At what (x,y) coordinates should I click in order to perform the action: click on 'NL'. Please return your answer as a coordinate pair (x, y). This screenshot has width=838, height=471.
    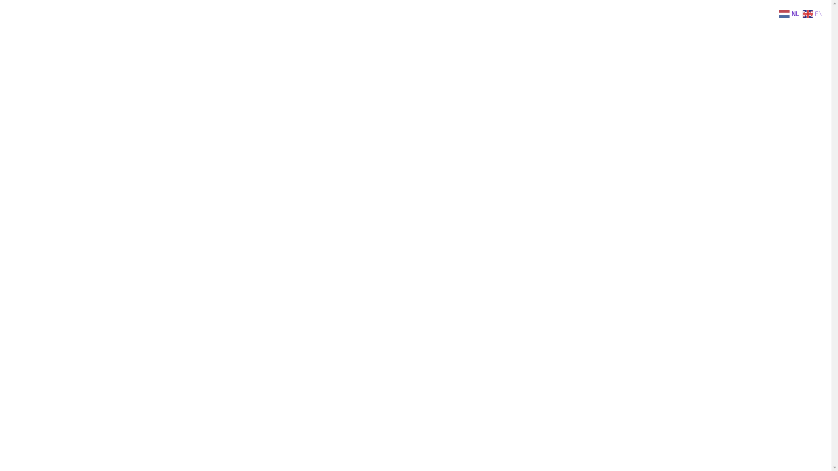
    Looking at the image, I should click on (790, 13).